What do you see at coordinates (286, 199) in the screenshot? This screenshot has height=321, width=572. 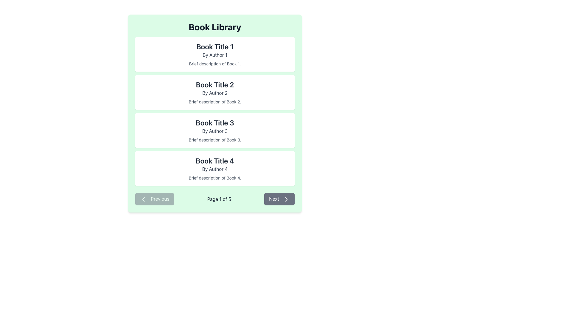 I see `the navigation arrow icon of the 'Next' button located at the bottom right of the page, adjacent to the pagination information labeled 'Page 1 of 5'` at bounding box center [286, 199].